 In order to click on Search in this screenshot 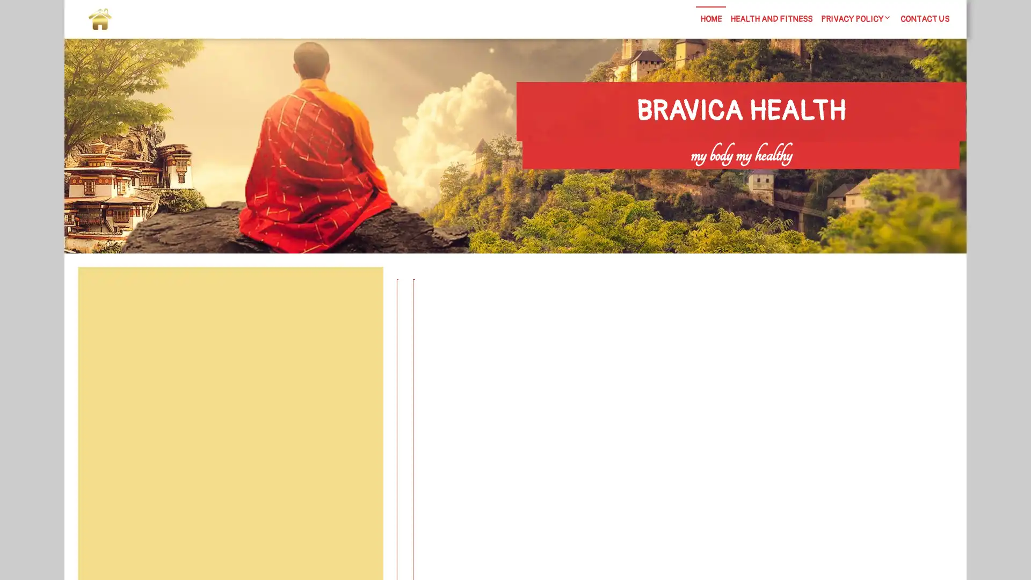, I will do `click(836, 176)`.